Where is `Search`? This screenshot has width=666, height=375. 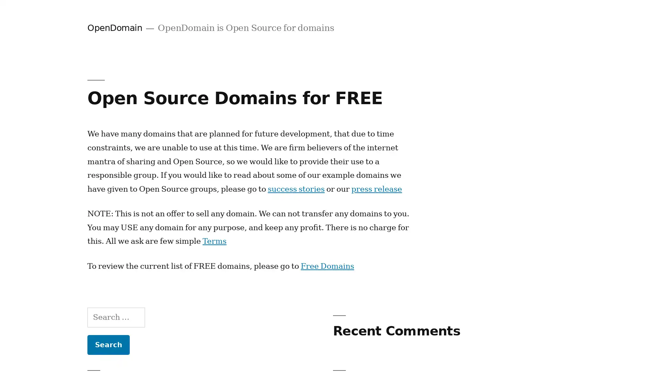
Search is located at coordinates (108, 344).